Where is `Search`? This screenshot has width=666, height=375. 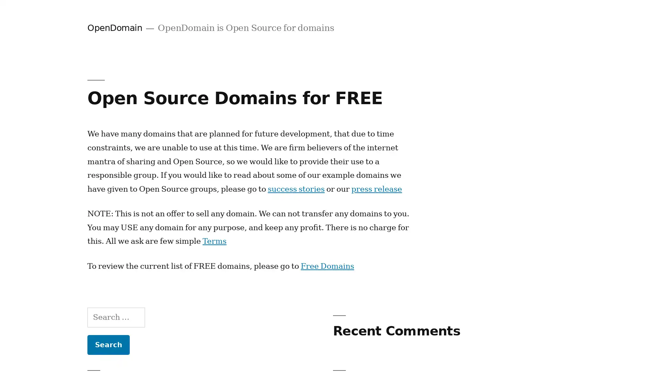
Search is located at coordinates (108, 344).